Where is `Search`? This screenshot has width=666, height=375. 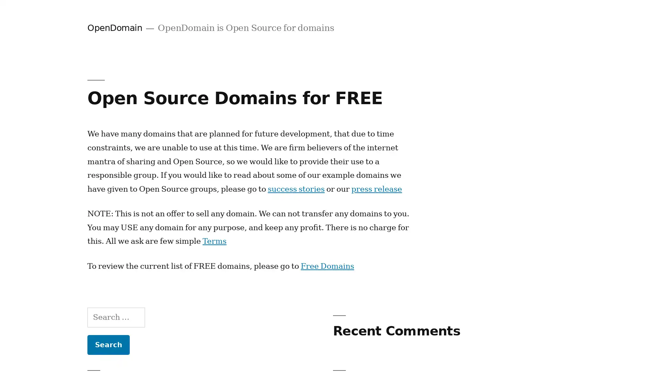
Search is located at coordinates (108, 344).